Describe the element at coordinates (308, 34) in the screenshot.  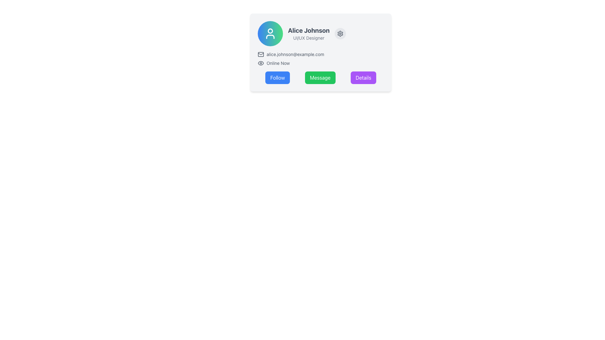
I see `the Text Display element that shows the user's name and job title in the profile card, located between the circular avatar and the settings icon` at that location.